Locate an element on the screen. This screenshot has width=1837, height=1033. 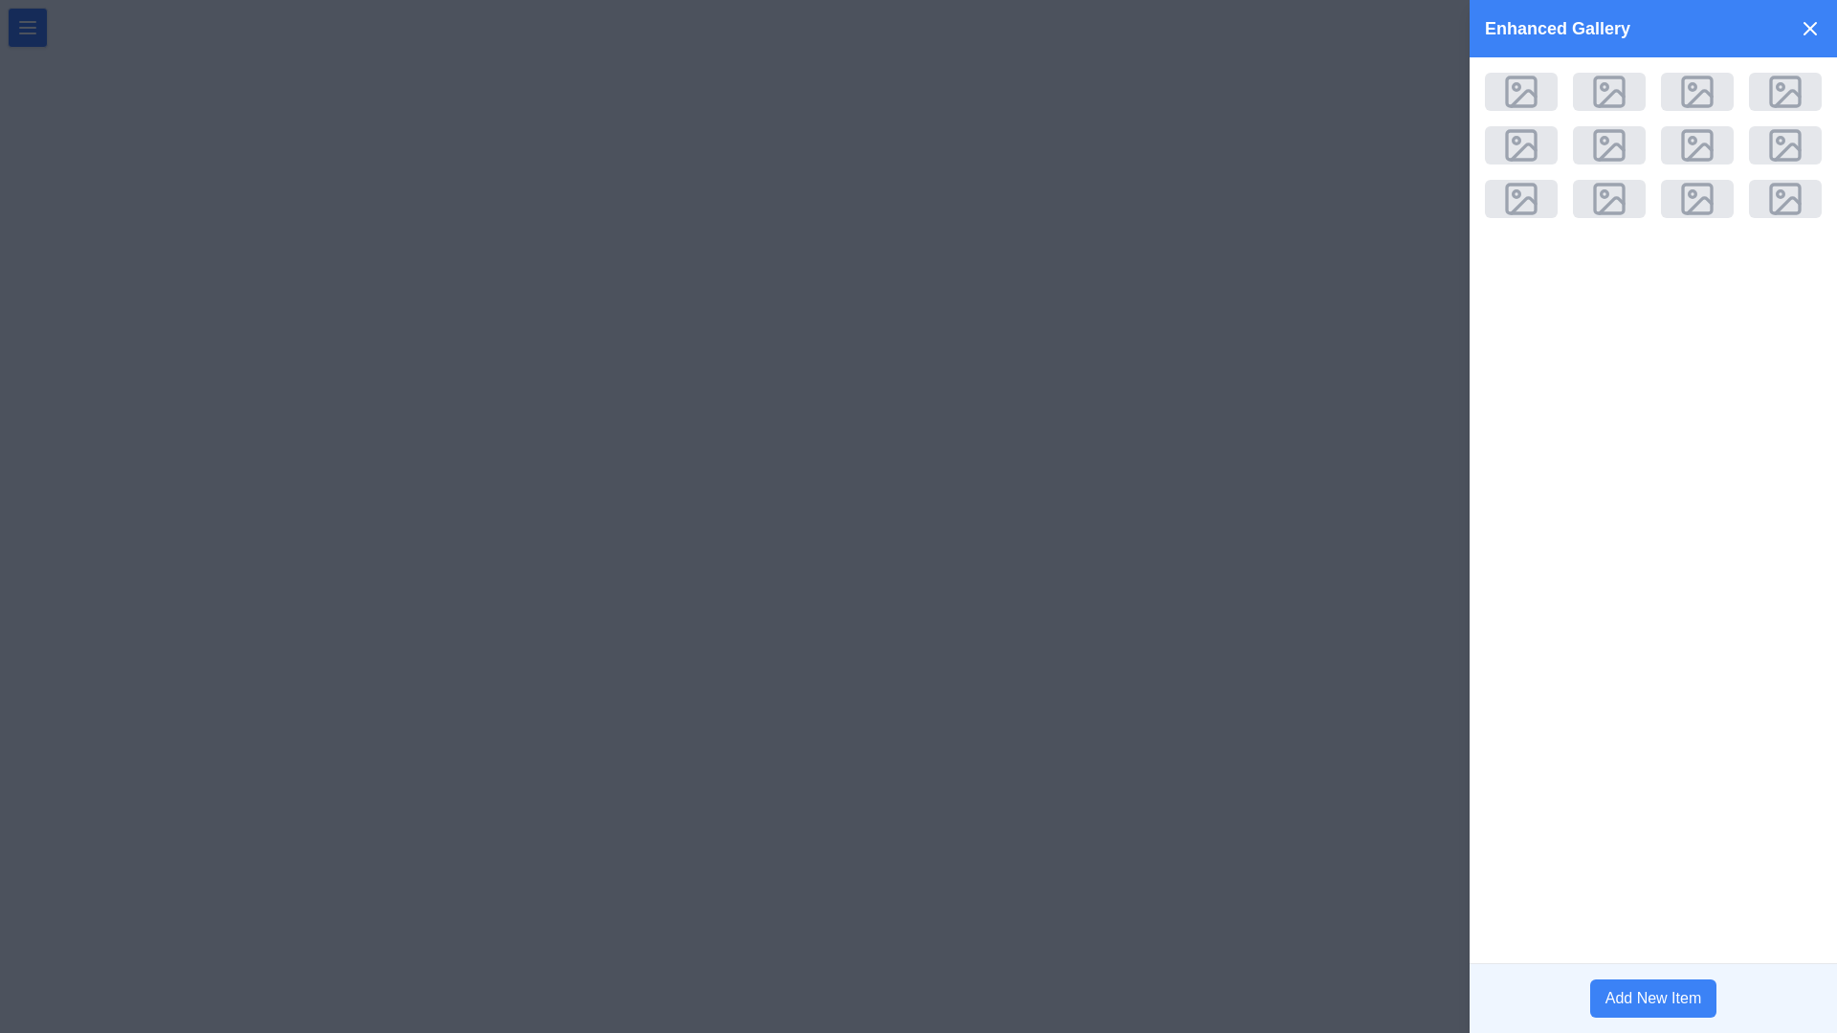
the square-shaped placeholder with a light gray background and a picture frame icon located in the first row and first column of the grid in the 'Enhanced Gallery' modal is located at coordinates (1519, 92).